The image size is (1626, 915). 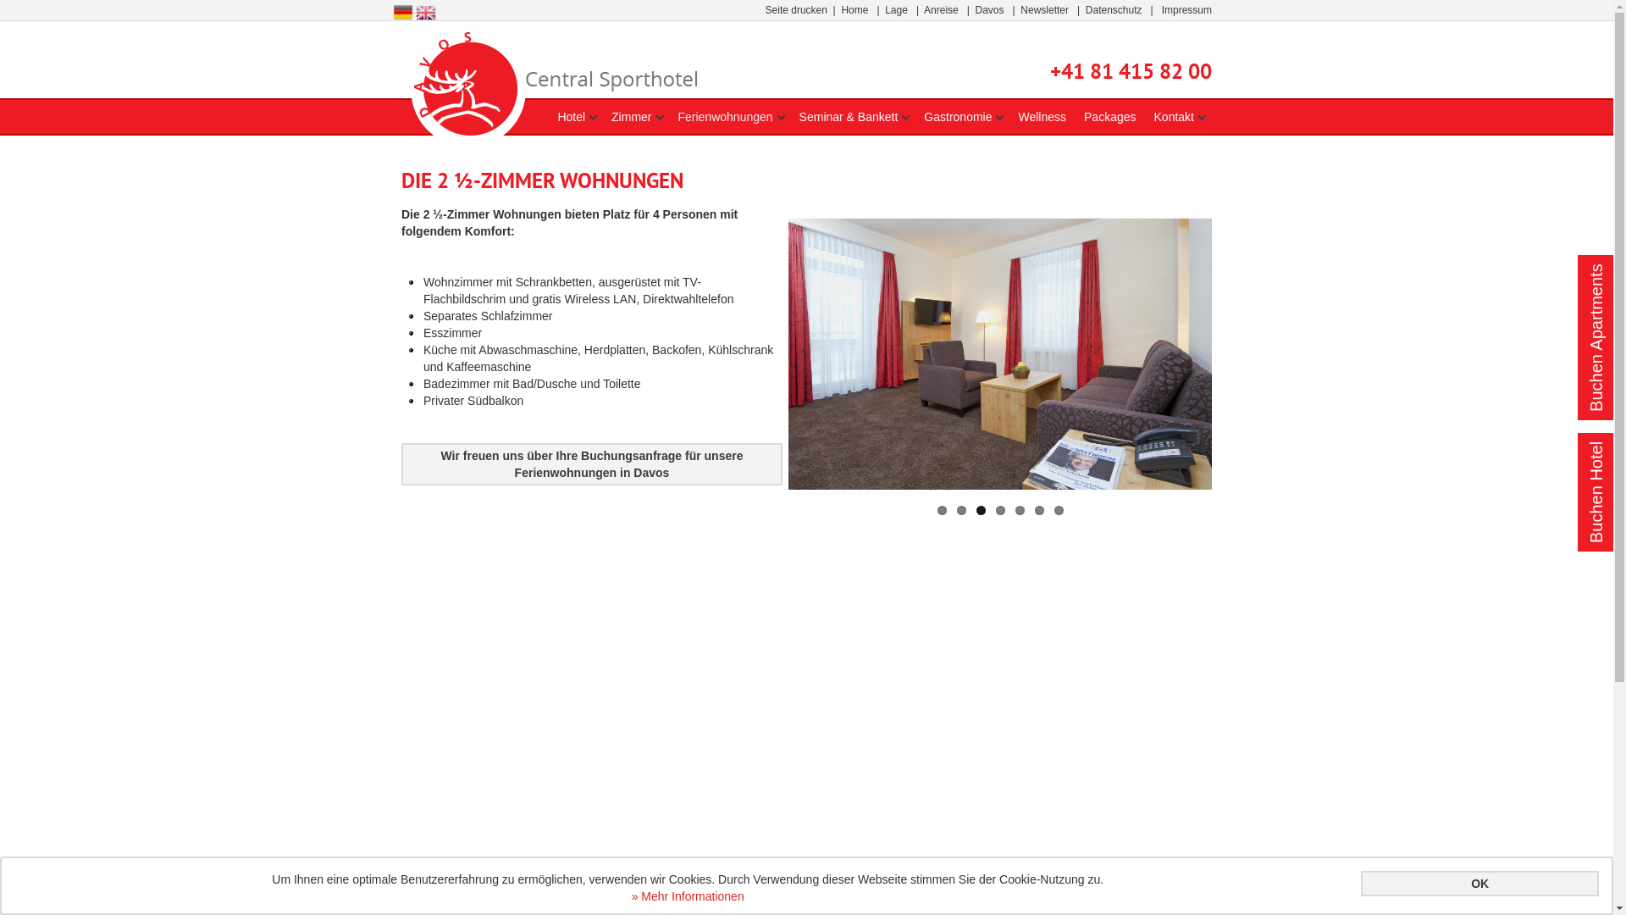 I want to click on 'OK', so click(x=1479, y=882).